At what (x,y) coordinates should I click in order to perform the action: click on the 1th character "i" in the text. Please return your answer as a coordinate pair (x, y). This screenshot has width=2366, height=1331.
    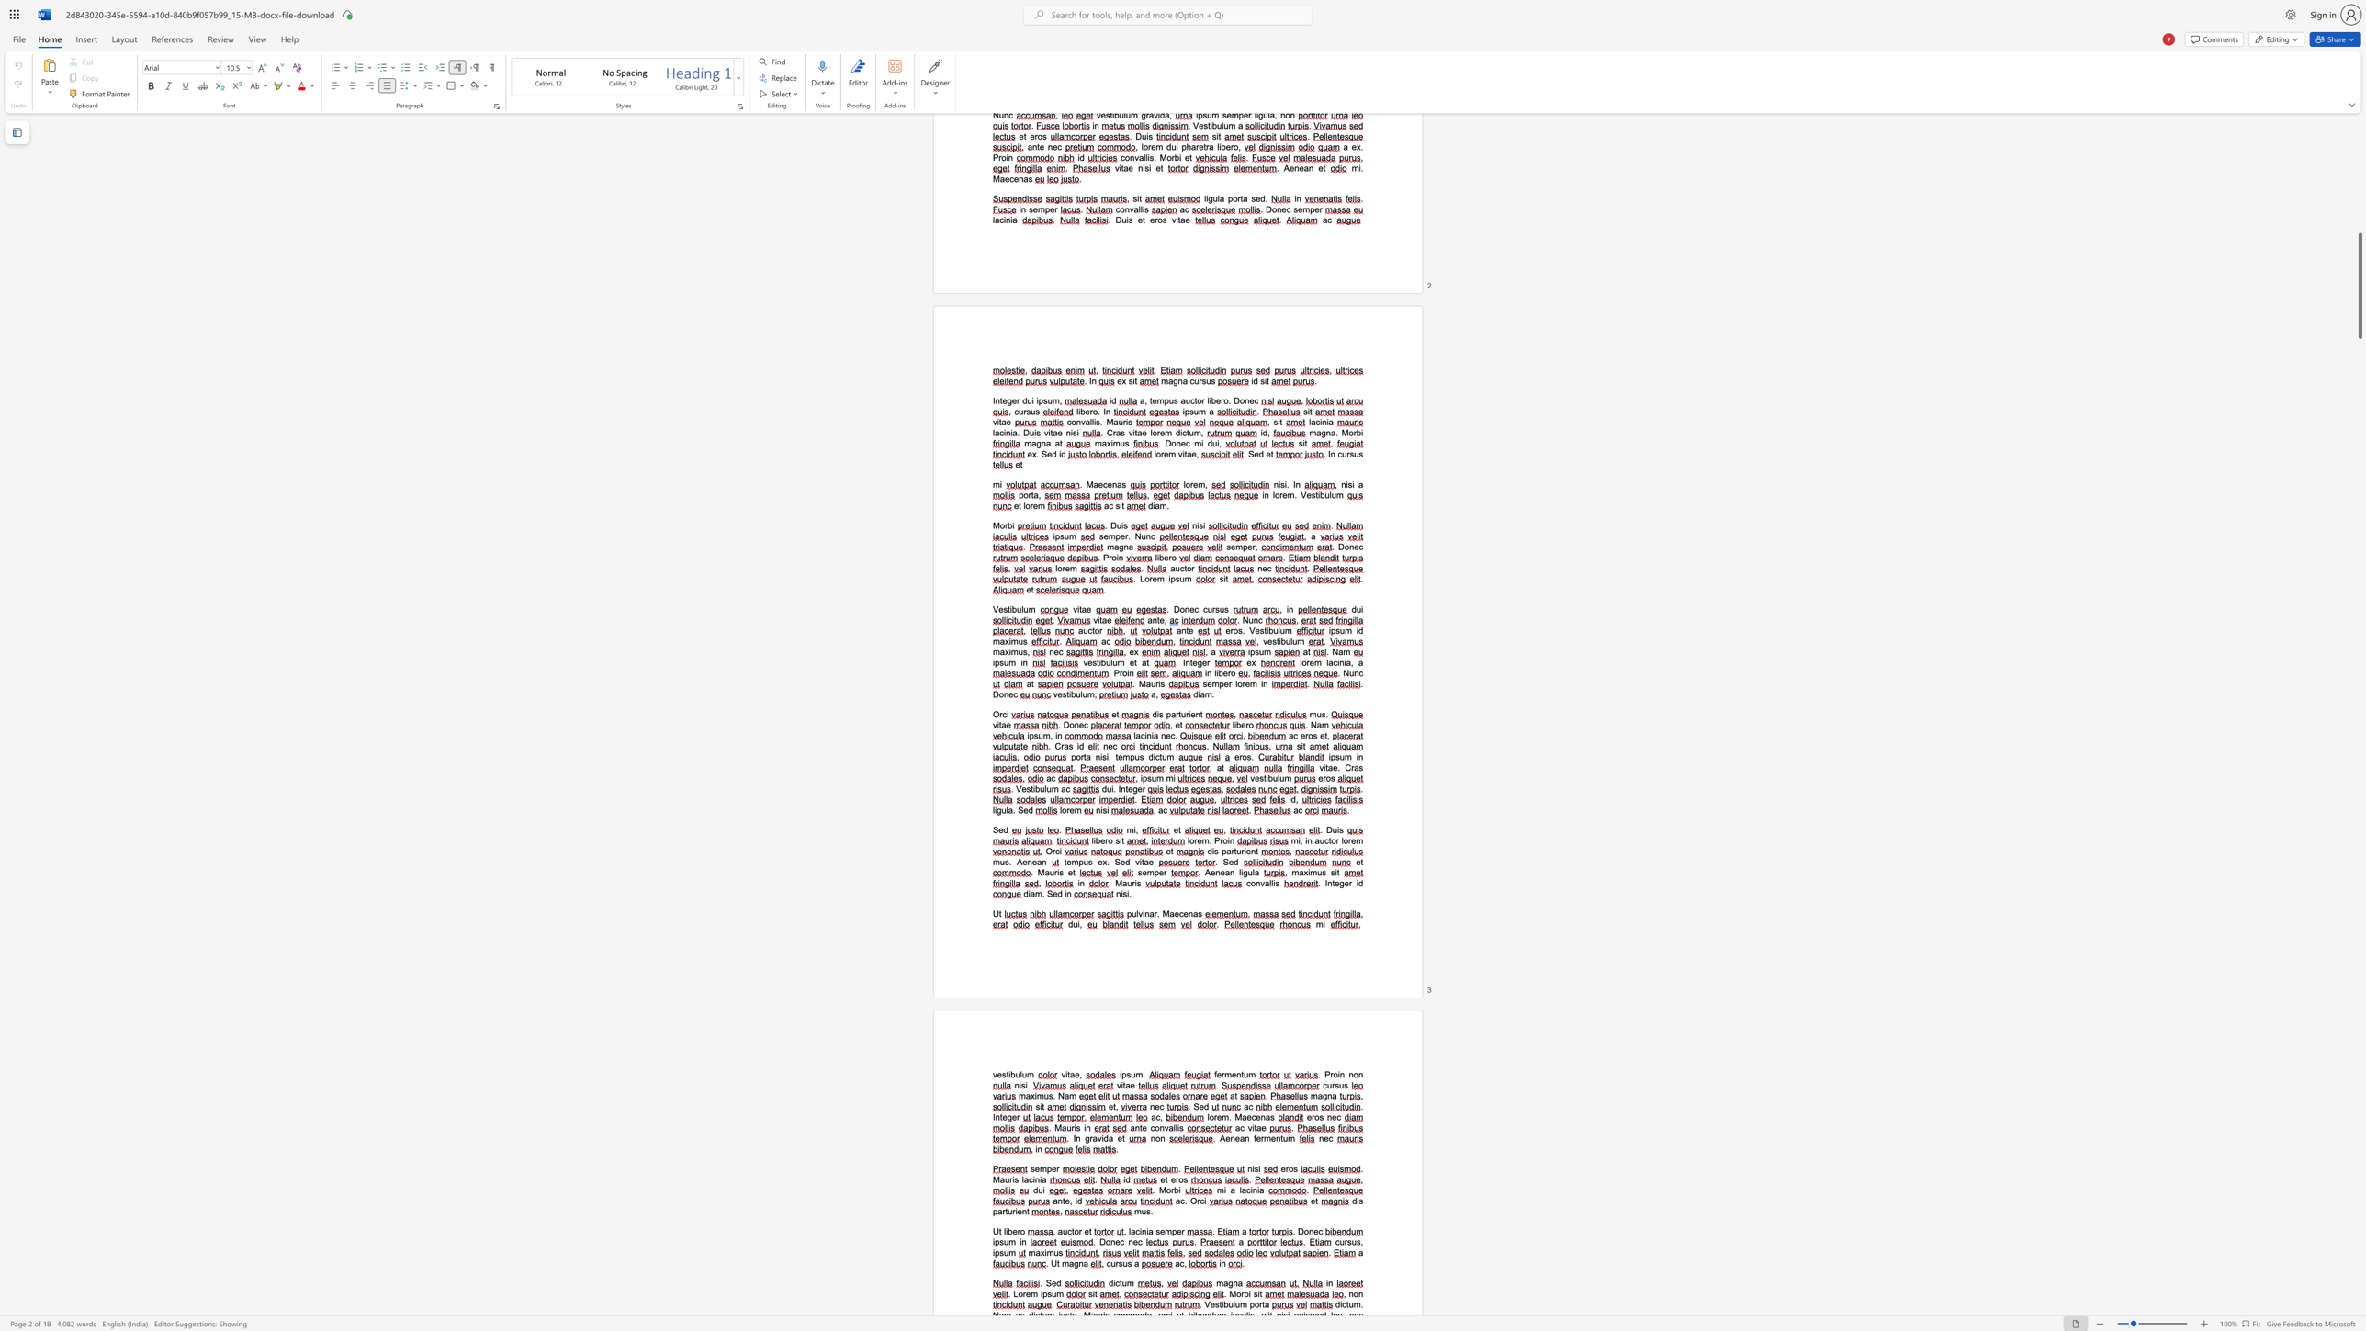
    Looking at the image, I should click on (1076, 1201).